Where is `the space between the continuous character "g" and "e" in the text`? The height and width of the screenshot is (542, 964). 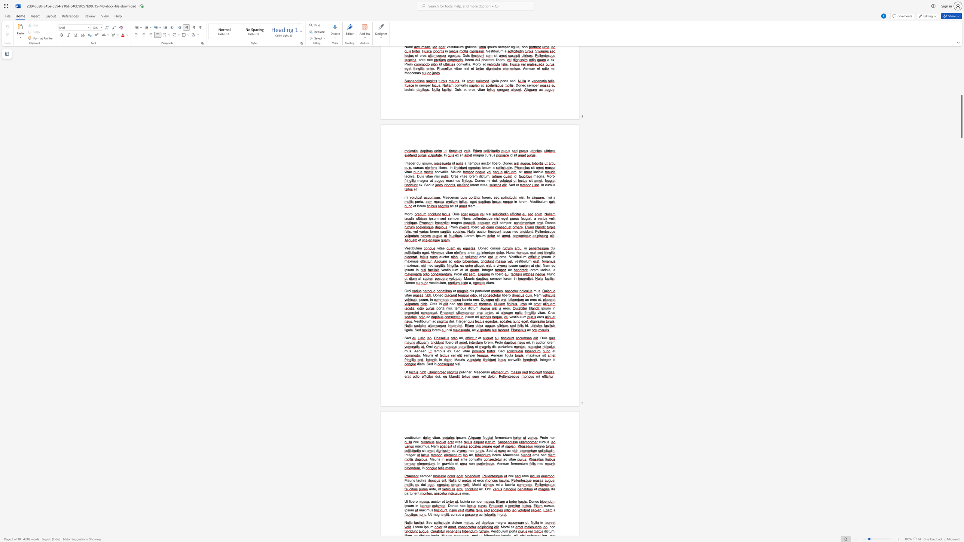
the space between the continuous character "g" and "e" in the text is located at coordinates (547, 359).